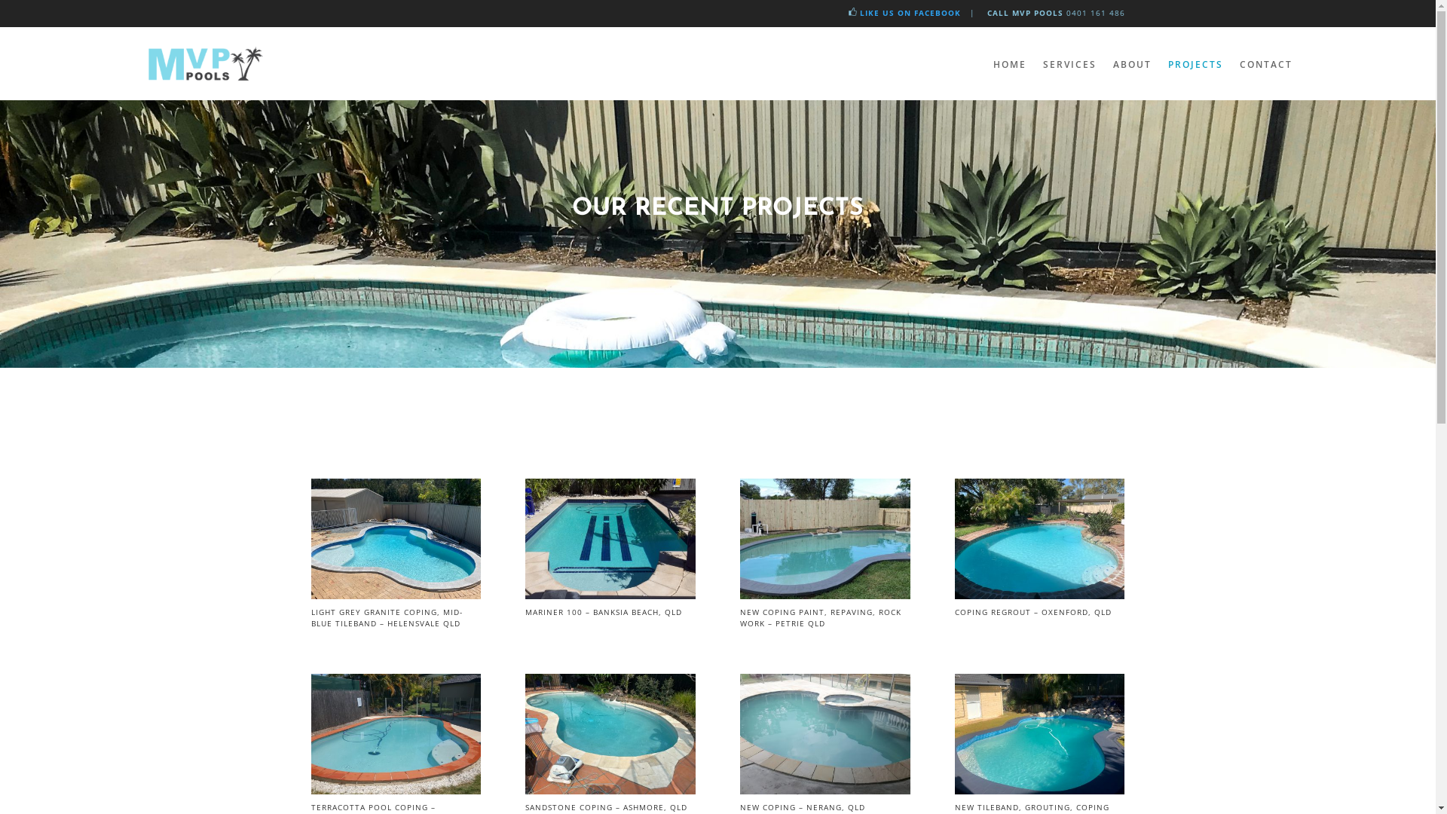  What do you see at coordinates (1009, 63) in the screenshot?
I see `'HOME'` at bounding box center [1009, 63].